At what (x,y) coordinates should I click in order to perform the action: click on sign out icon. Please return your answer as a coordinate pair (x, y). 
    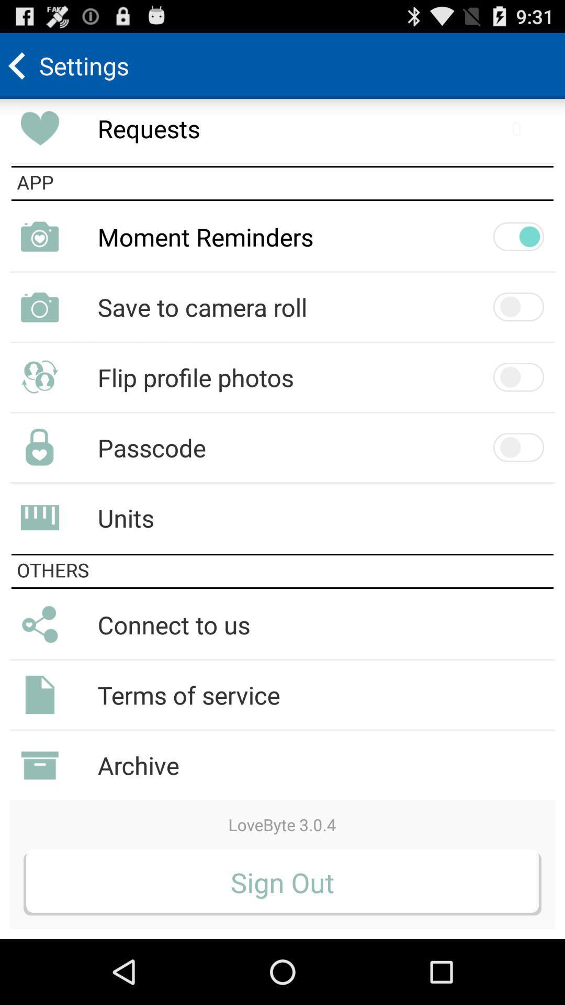
    Looking at the image, I should click on (282, 881).